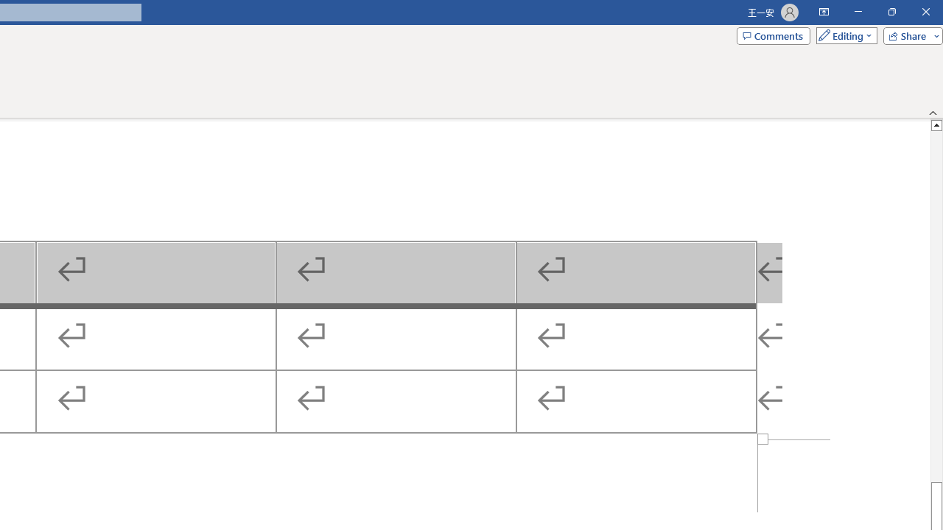 The image size is (943, 530). I want to click on 'Editing', so click(843, 35).